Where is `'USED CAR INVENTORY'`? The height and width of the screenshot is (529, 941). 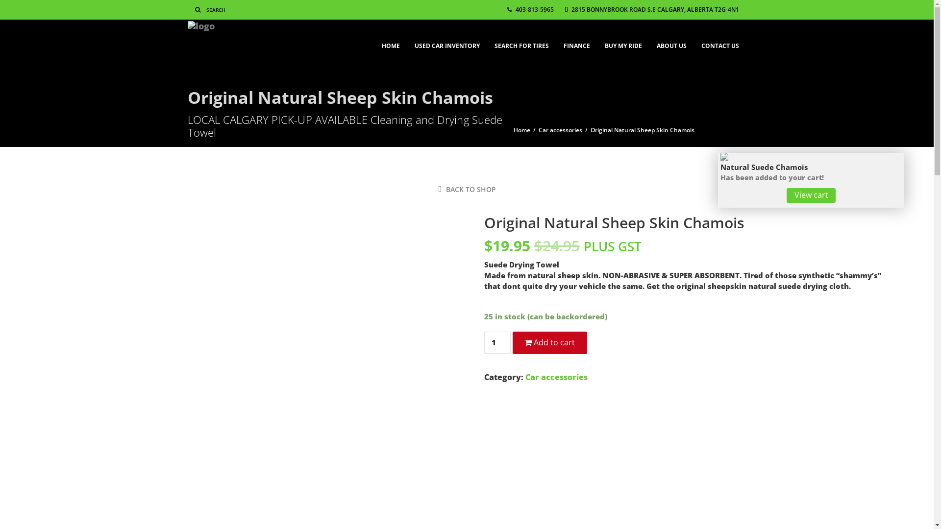
'USED CAR INVENTORY' is located at coordinates (446, 41).